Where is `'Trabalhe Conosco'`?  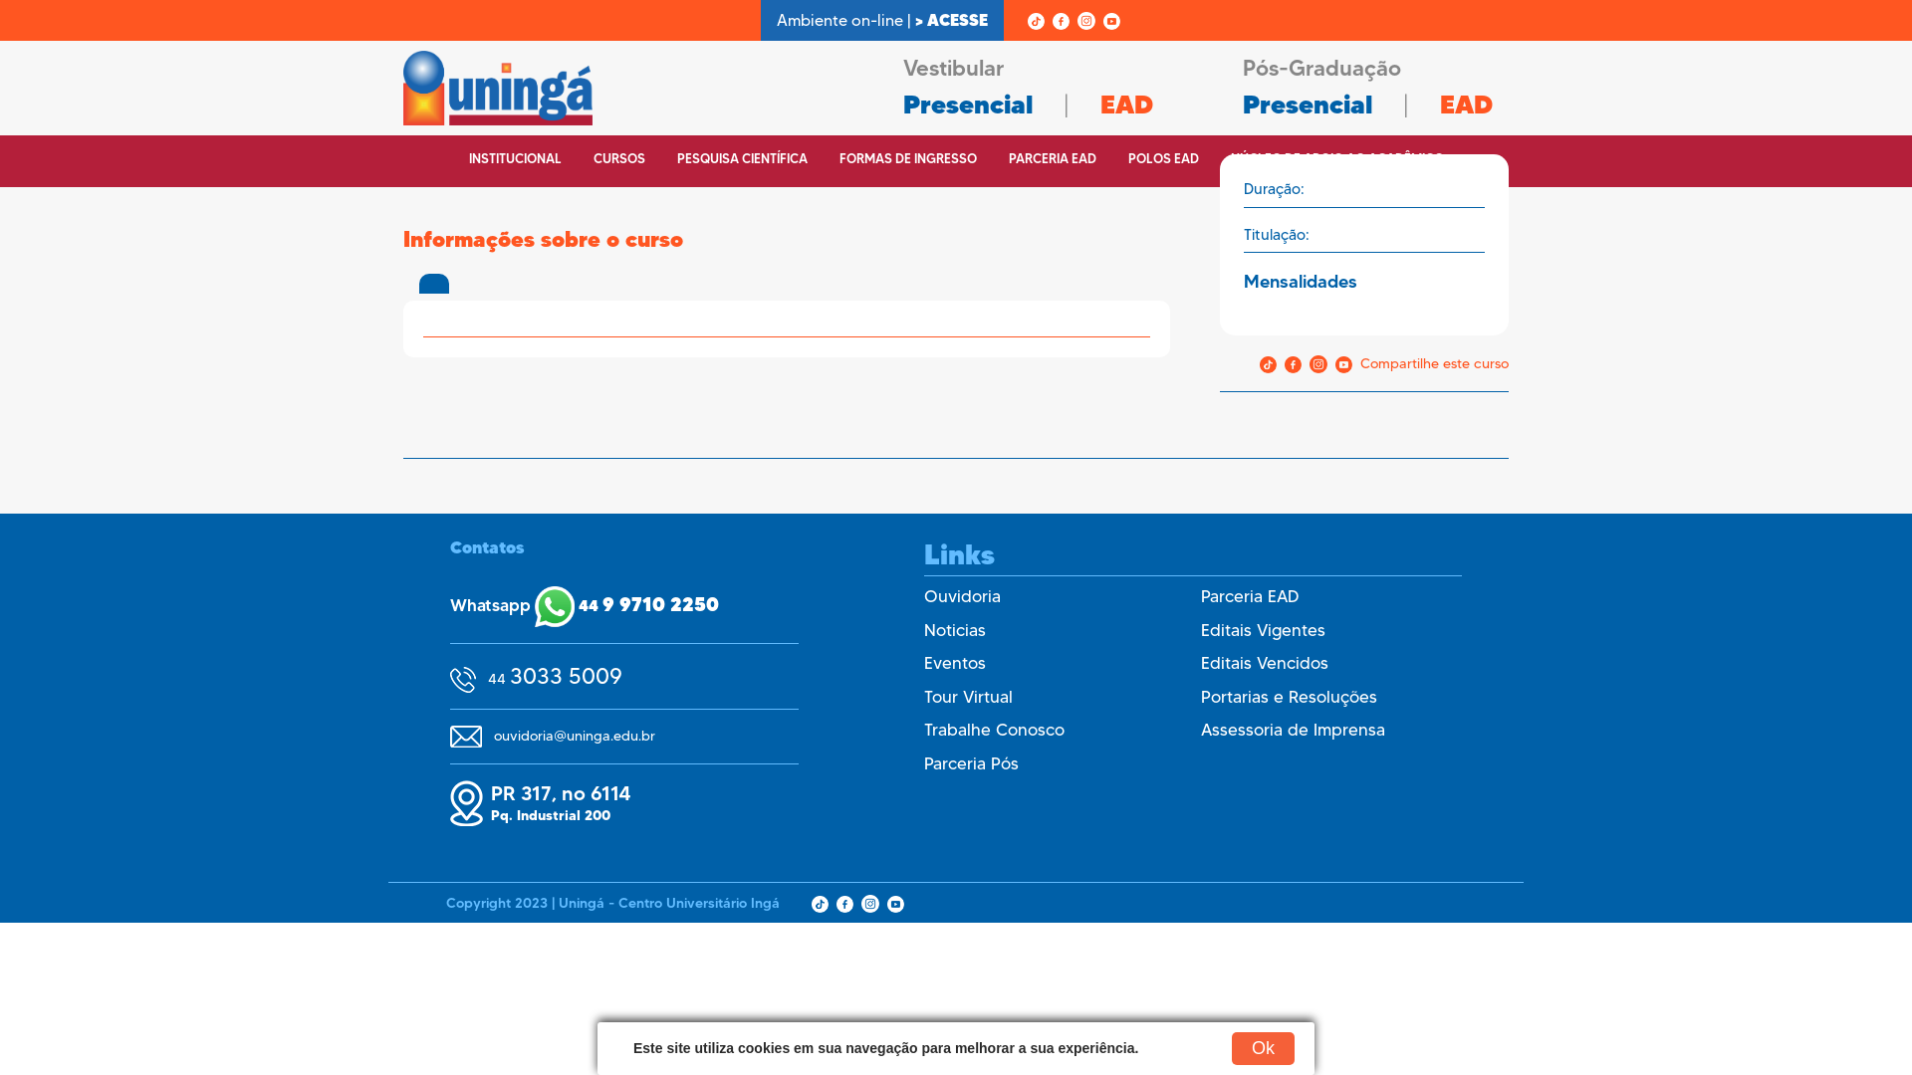
'Trabalhe Conosco' is located at coordinates (1054, 730).